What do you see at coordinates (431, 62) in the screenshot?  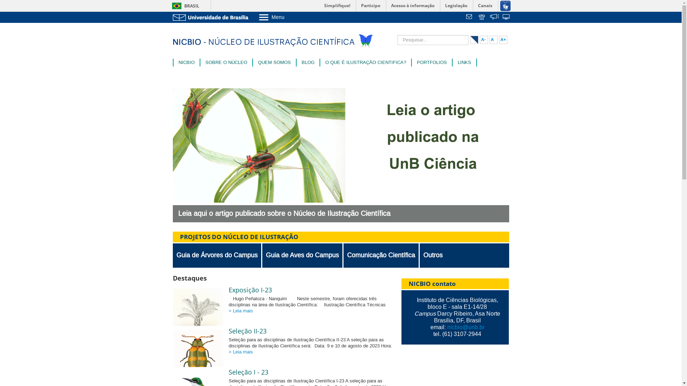 I see `'PORTFOLIOS'` at bounding box center [431, 62].